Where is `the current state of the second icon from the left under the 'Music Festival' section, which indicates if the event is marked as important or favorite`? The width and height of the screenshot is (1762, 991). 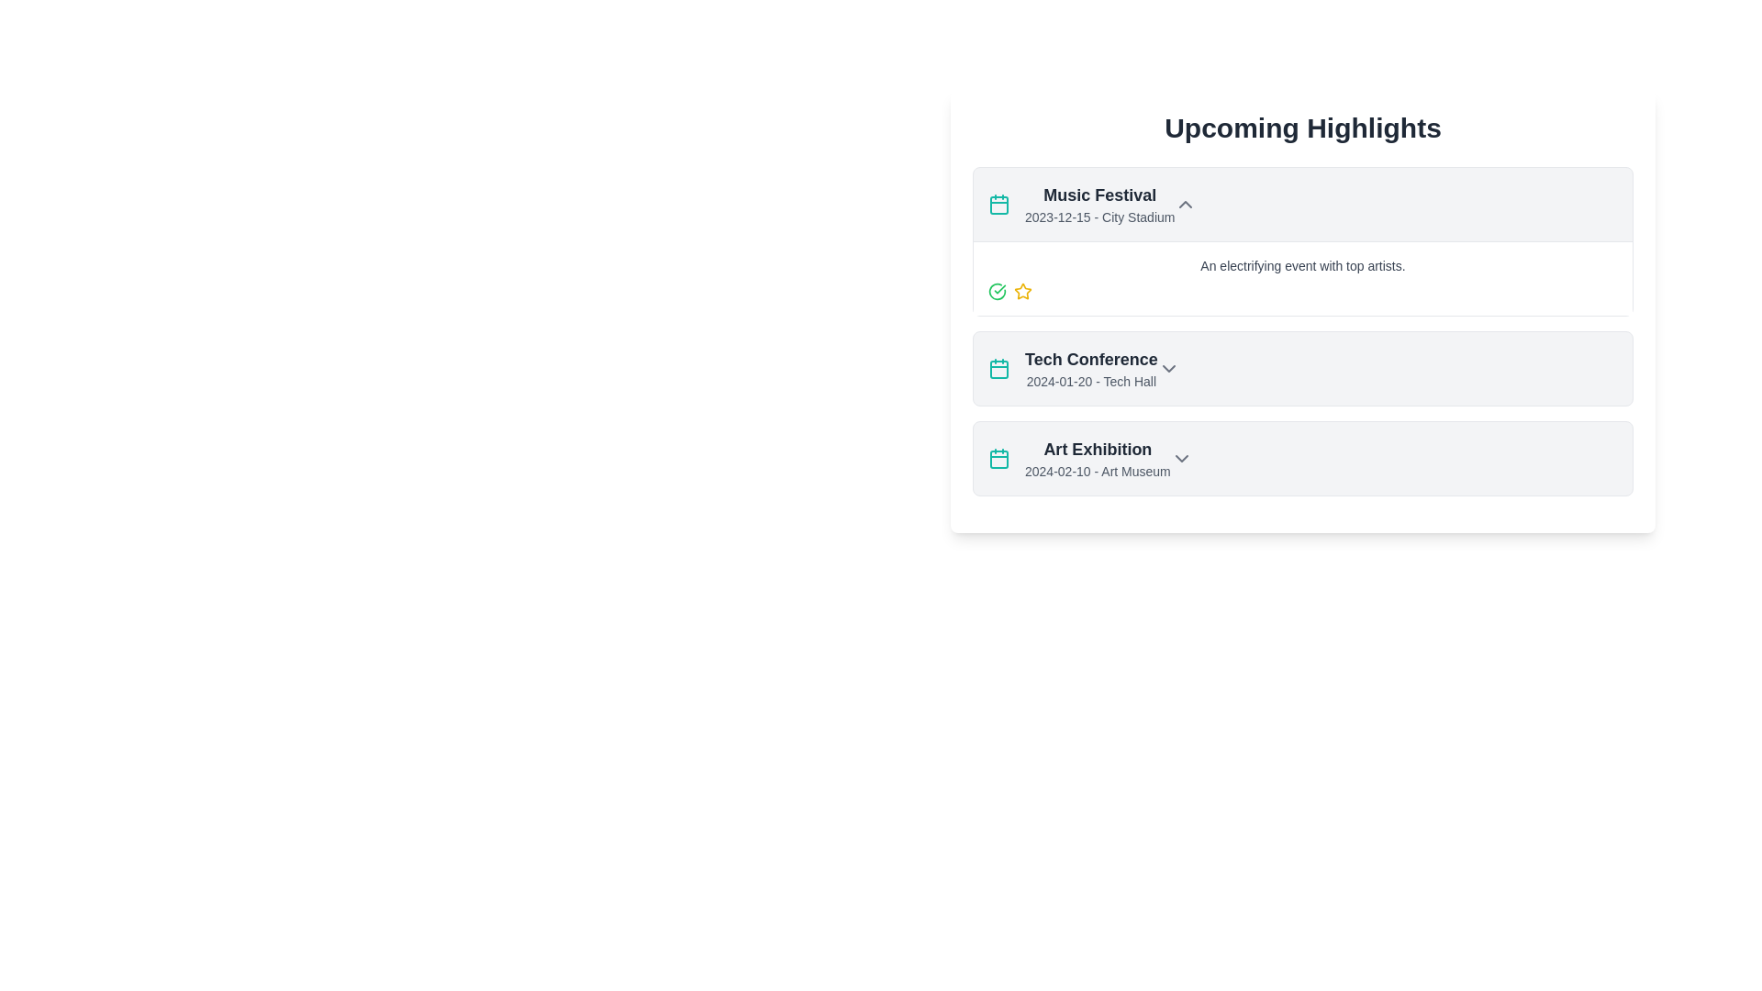 the current state of the second icon from the left under the 'Music Festival' section, which indicates if the event is marked as important or favorite is located at coordinates (1021, 290).